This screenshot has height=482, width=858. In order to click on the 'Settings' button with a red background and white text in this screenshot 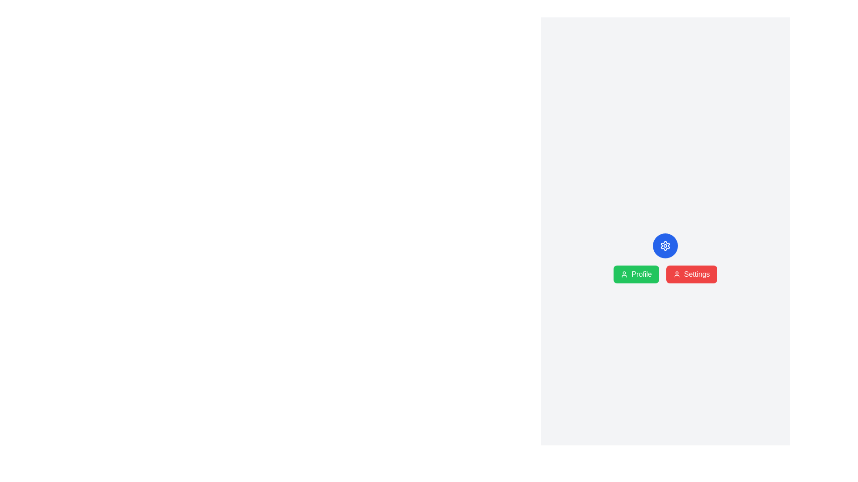, I will do `click(691, 274)`.